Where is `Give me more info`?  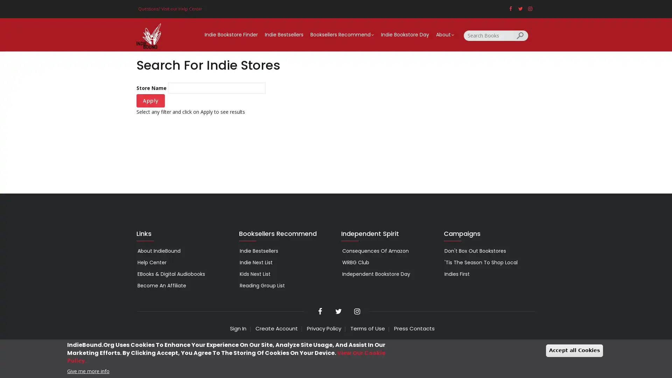 Give me more info is located at coordinates (88, 370).